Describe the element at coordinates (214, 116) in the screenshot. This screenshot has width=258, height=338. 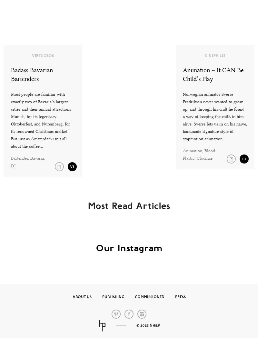
I see `'Norwegian animator Sverre Fredriksen never wanted to grow up, and through his craft he found a way of keeping the child in him alive. Sverre lets us in on his naïve, handmade signature style of stopmotion animation'` at that location.